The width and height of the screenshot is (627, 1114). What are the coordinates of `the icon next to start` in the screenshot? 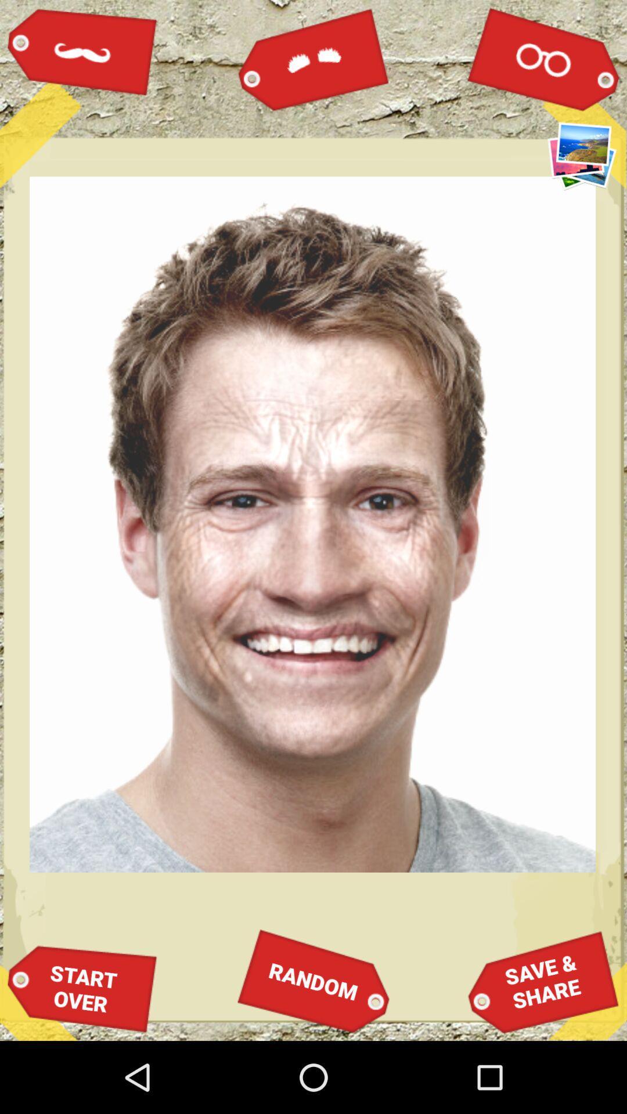 It's located at (313, 981).